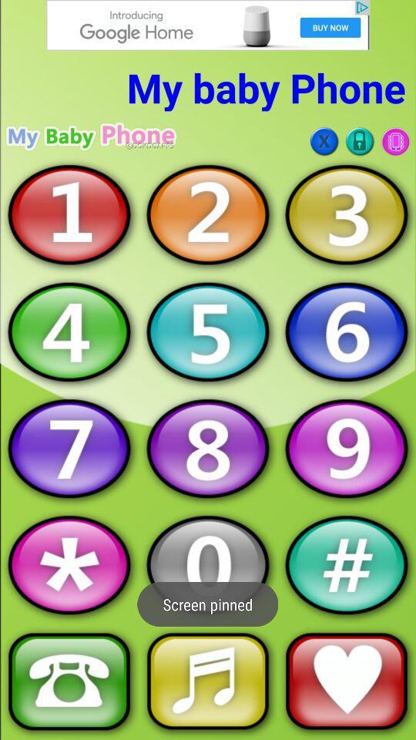 This screenshot has width=416, height=740. I want to click on the lock icon, so click(360, 141).